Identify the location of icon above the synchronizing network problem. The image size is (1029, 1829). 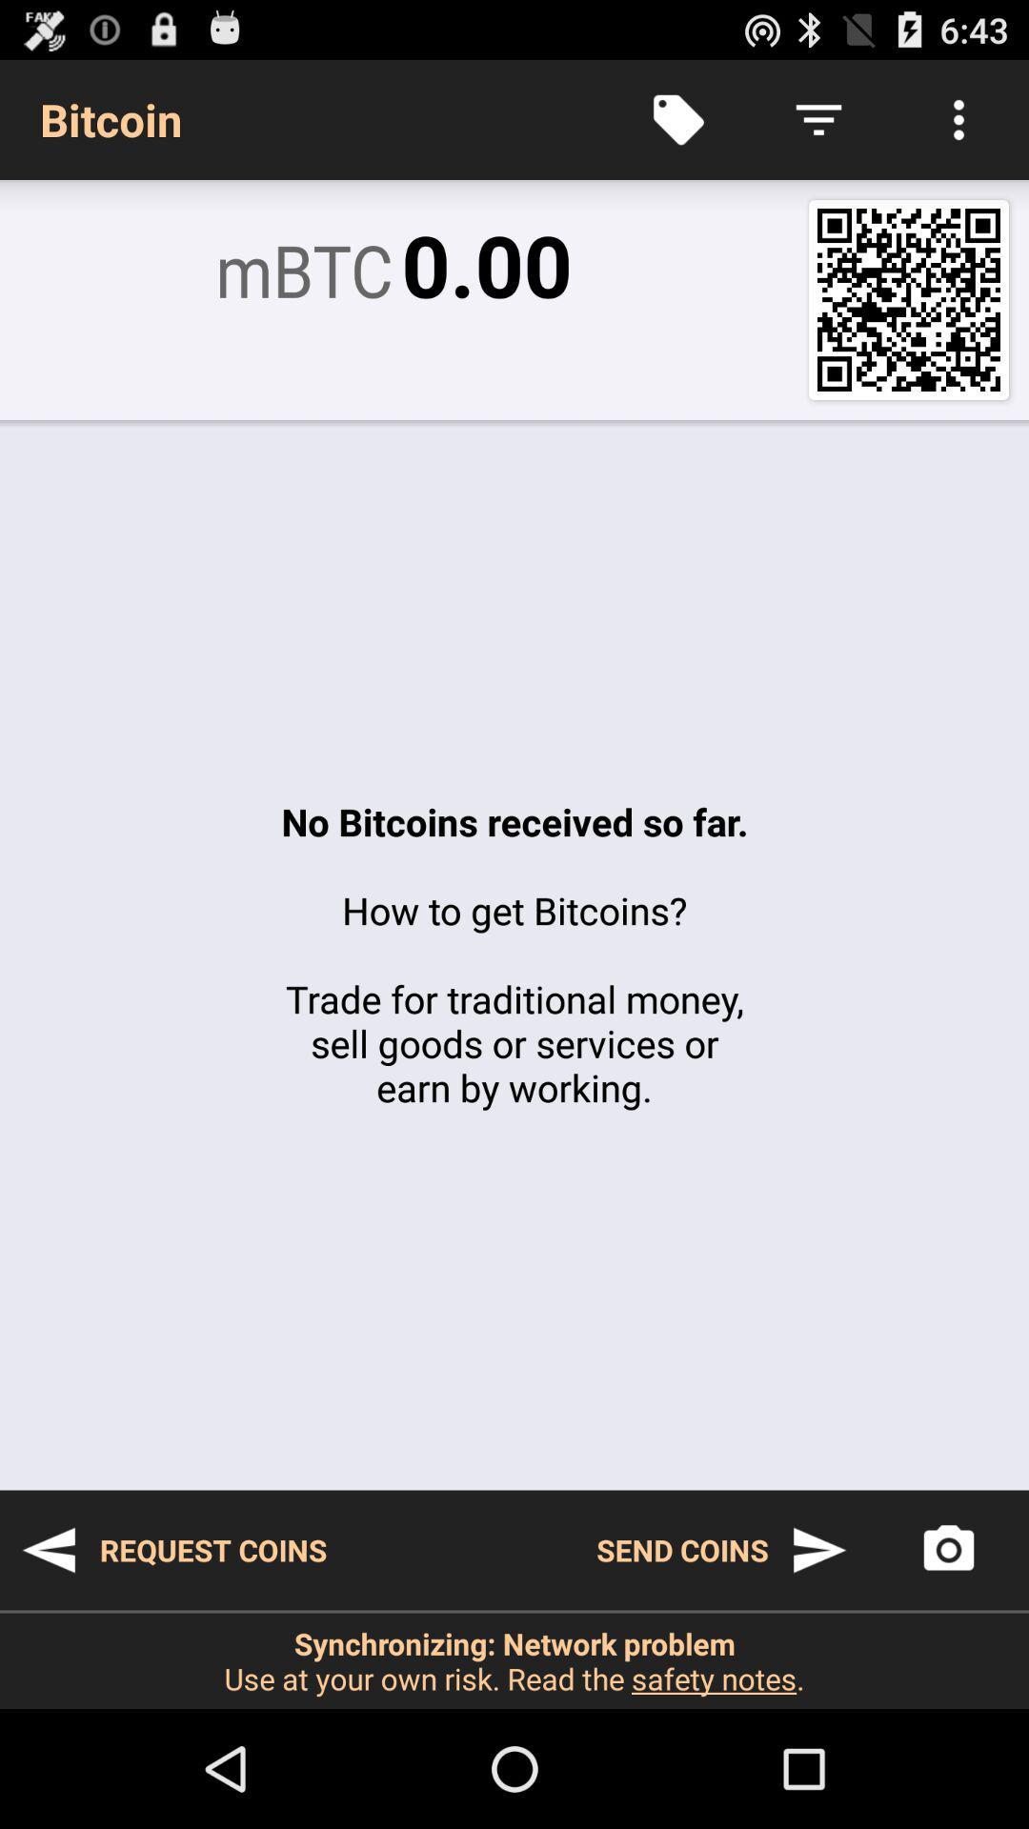
(948, 1550).